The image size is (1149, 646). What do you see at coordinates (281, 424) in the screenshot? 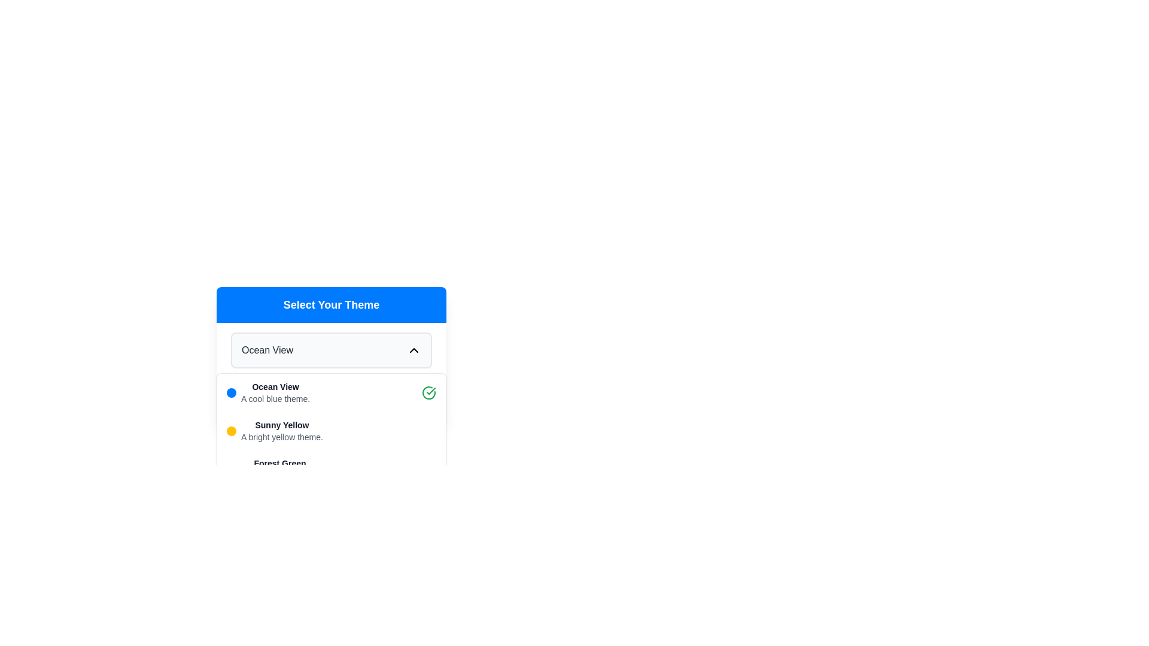
I see `the 'Sunny Yellow' text label, which is the second item in the theme selection list under 'Select Your Theme.'` at bounding box center [281, 424].